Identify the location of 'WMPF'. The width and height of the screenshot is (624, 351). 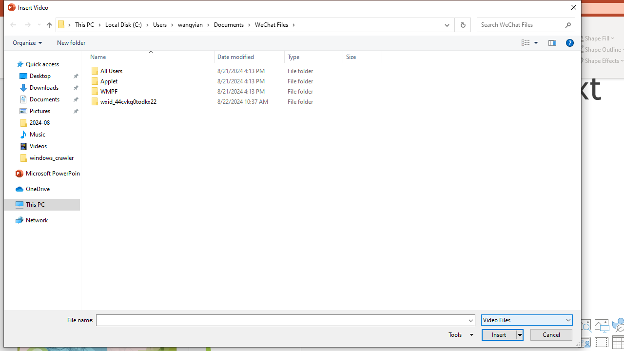
(234, 91).